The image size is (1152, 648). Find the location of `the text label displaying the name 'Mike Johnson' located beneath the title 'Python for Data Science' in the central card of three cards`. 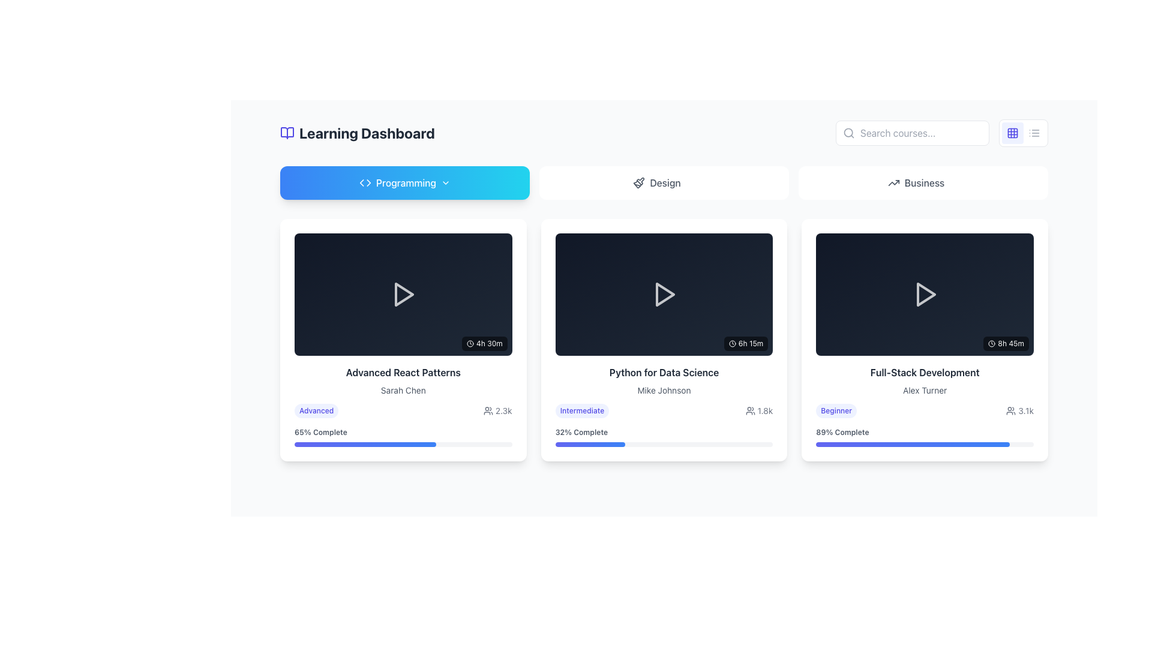

the text label displaying the name 'Mike Johnson' located beneath the title 'Python for Data Science' in the central card of three cards is located at coordinates (664, 391).